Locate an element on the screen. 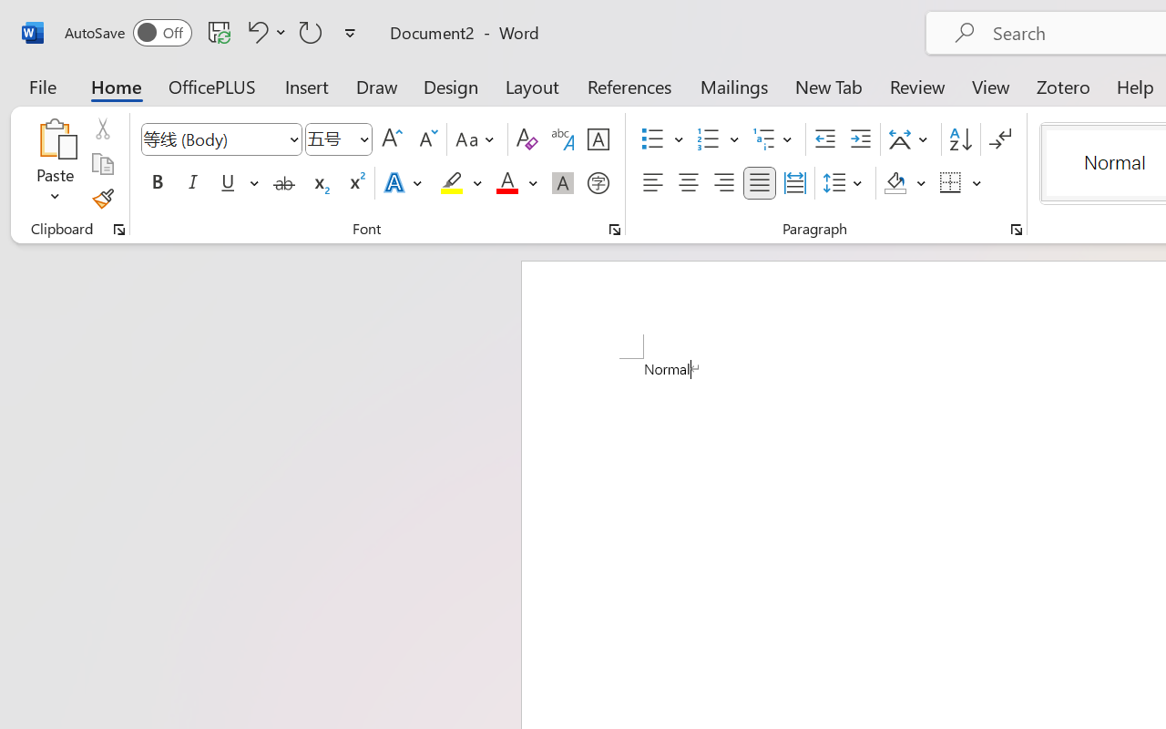 This screenshot has width=1166, height=729. 'View' is located at coordinates (990, 86).